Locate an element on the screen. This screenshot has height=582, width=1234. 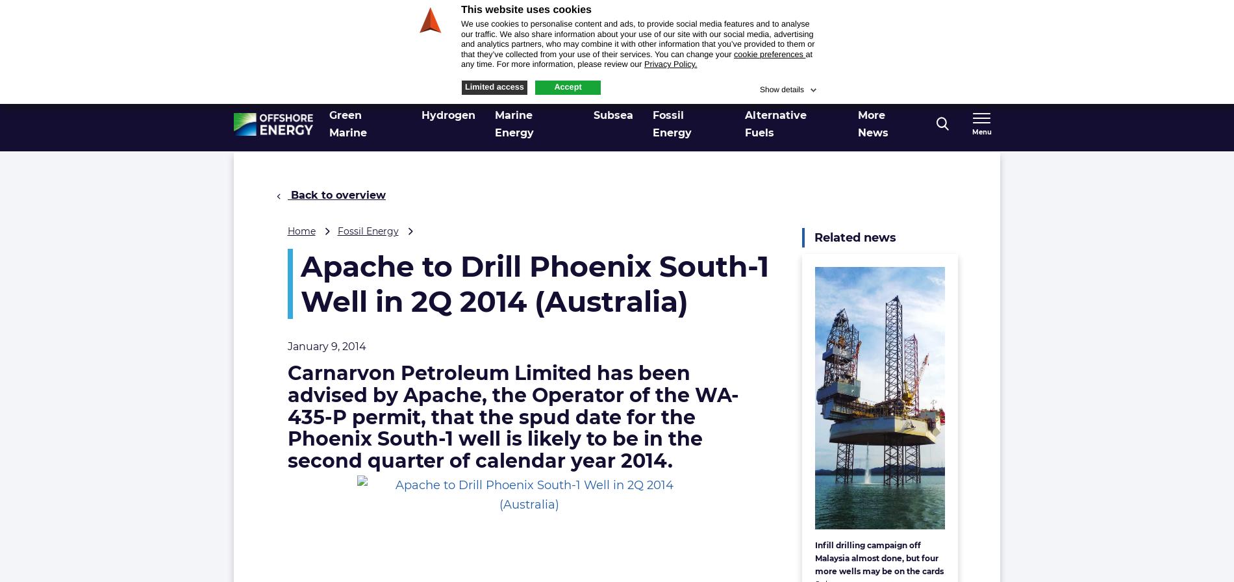
'Limited access' is located at coordinates (493, 86).